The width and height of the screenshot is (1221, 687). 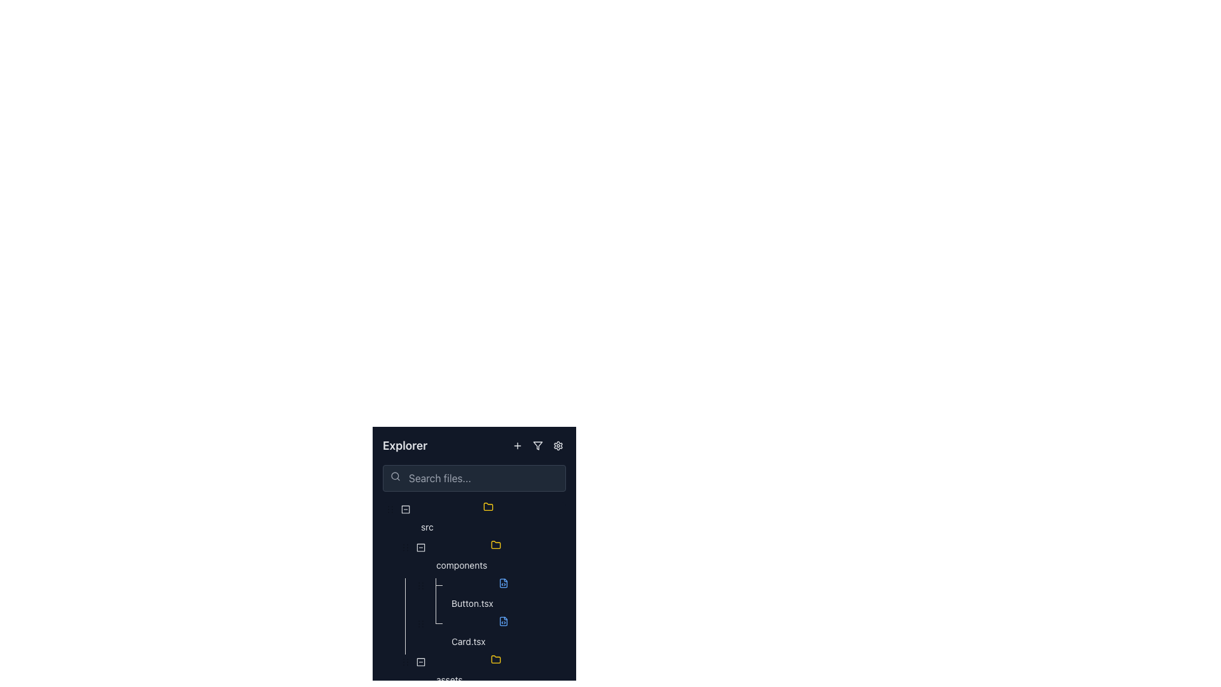 What do you see at coordinates (405, 546) in the screenshot?
I see `the drag-and-drop handle located in the 'Explorer' sidebar next to the 'src' folder` at bounding box center [405, 546].